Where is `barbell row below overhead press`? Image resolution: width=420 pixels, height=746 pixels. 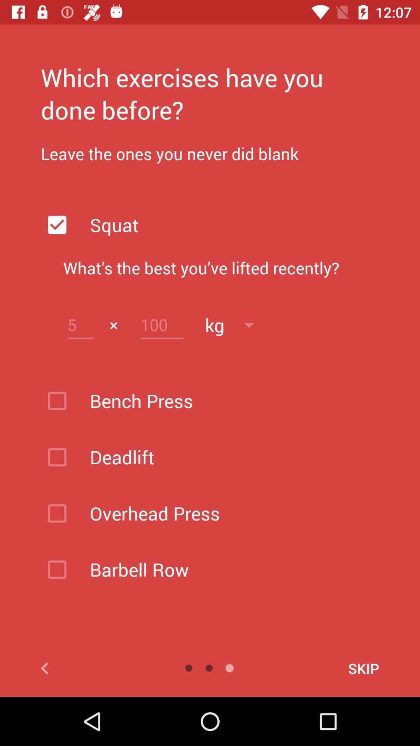 barbell row below overhead press is located at coordinates (230, 569).